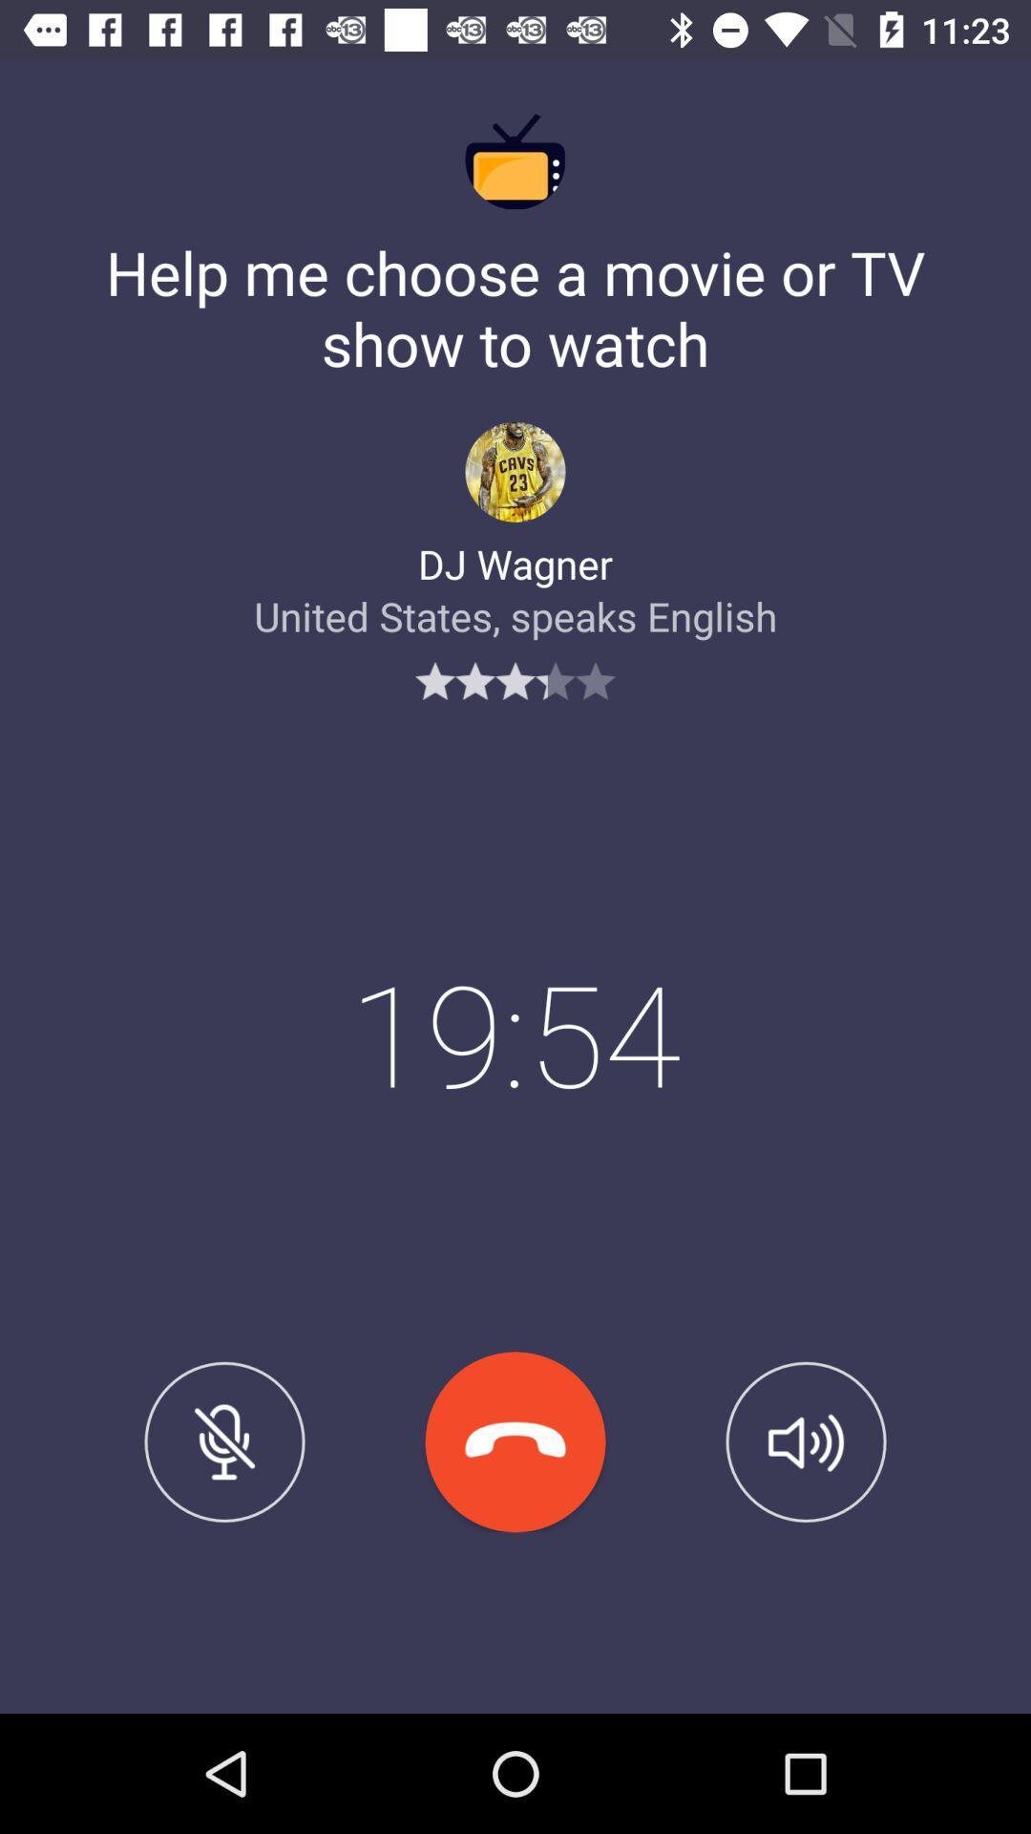 The width and height of the screenshot is (1031, 1834). Describe the element at coordinates (806, 1441) in the screenshot. I see `sound` at that location.